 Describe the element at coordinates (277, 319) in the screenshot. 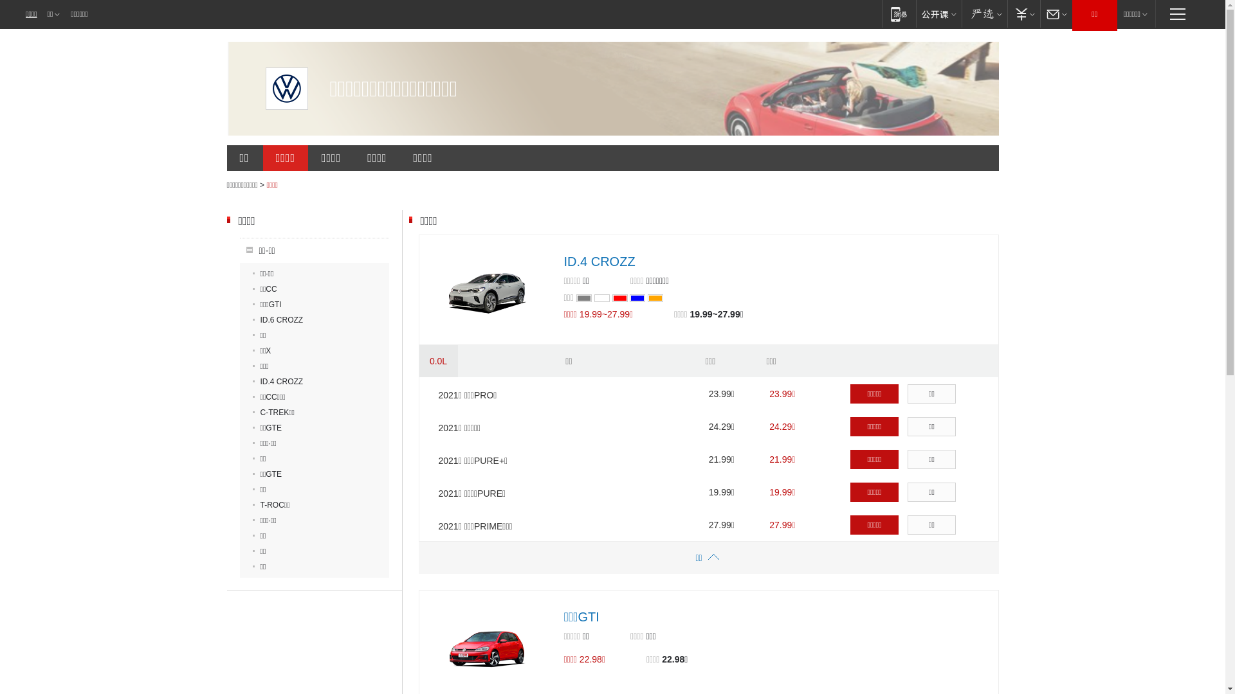

I see `'ID.6 CROZZ'` at that location.